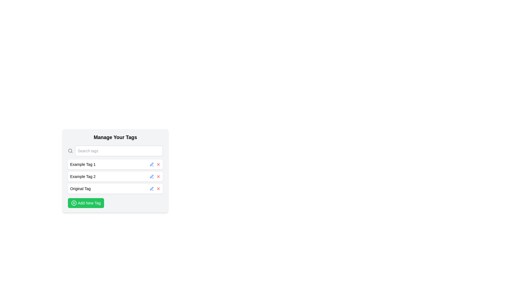 The width and height of the screenshot is (530, 298). What do you see at coordinates (119, 151) in the screenshot?
I see `the search bar located at the top of the 'Manage Your Tags' panel` at bounding box center [119, 151].